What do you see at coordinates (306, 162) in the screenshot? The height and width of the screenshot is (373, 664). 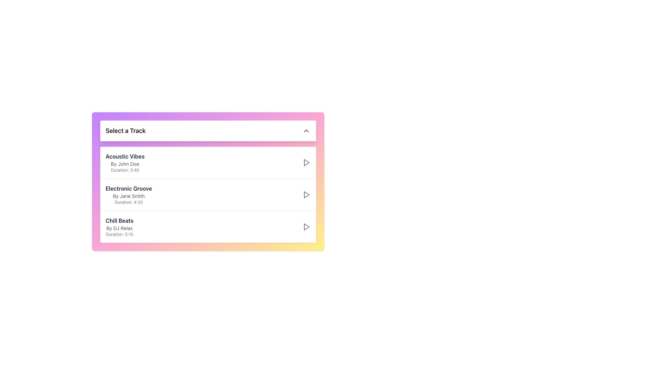 I see `the play button icon located at the far right of the 'Electronic Groove' track to initiate playback` at bounding box center [306, 162].